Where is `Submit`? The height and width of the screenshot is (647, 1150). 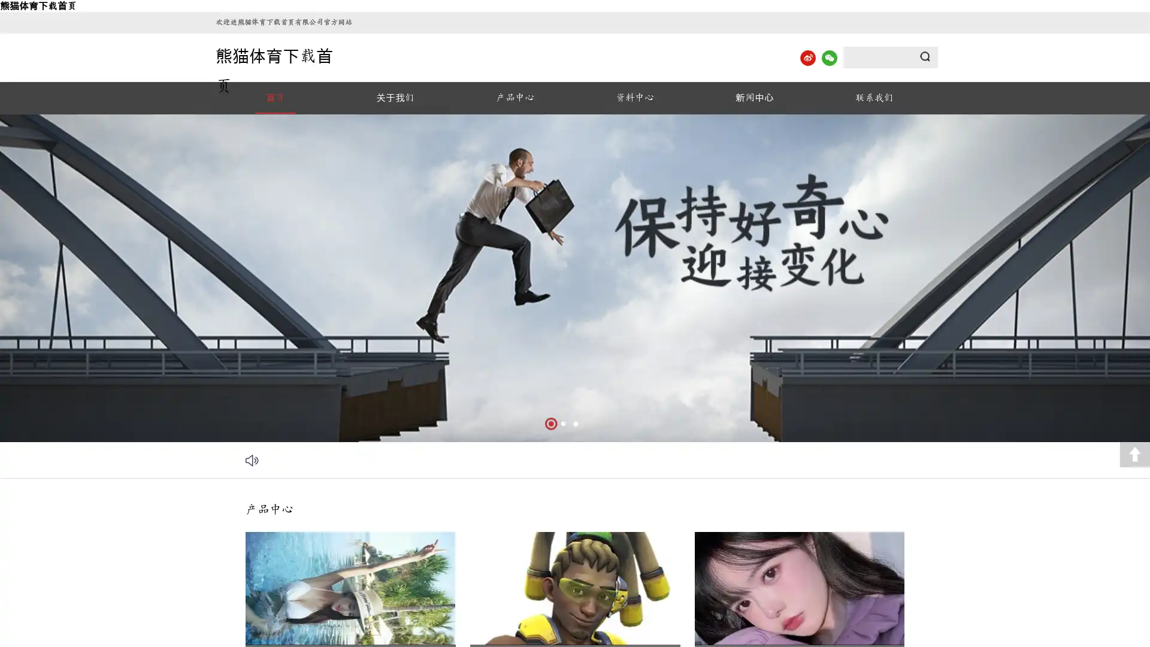
Submit is located at coordinates (925, 57).